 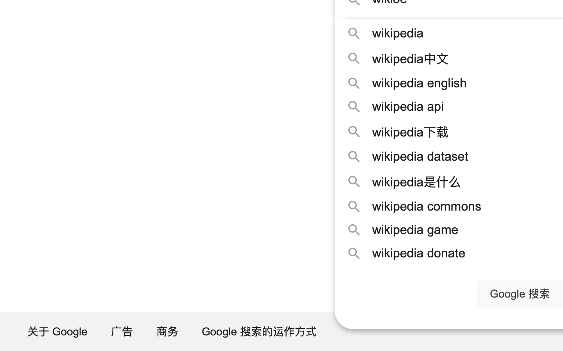 What do you see at coordinates (57, 331) in the screenshot?
I see `'关于 Google'` at bounding box center [57, 331].